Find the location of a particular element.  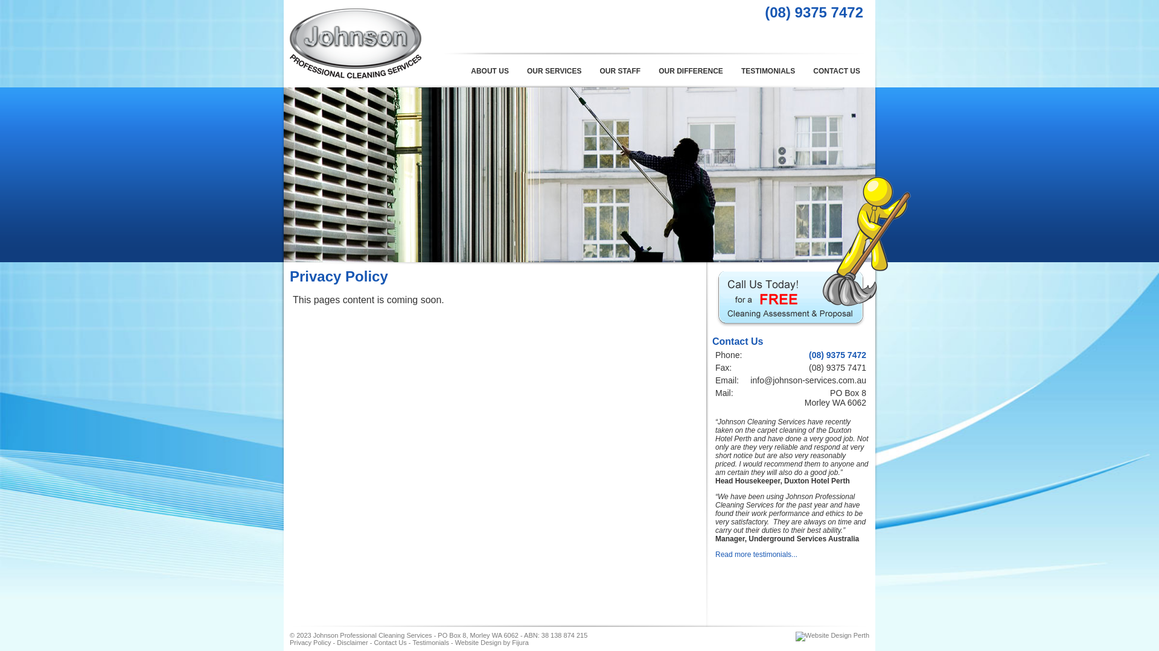

'Website Design Perth' is located at coordinates (831, 634).